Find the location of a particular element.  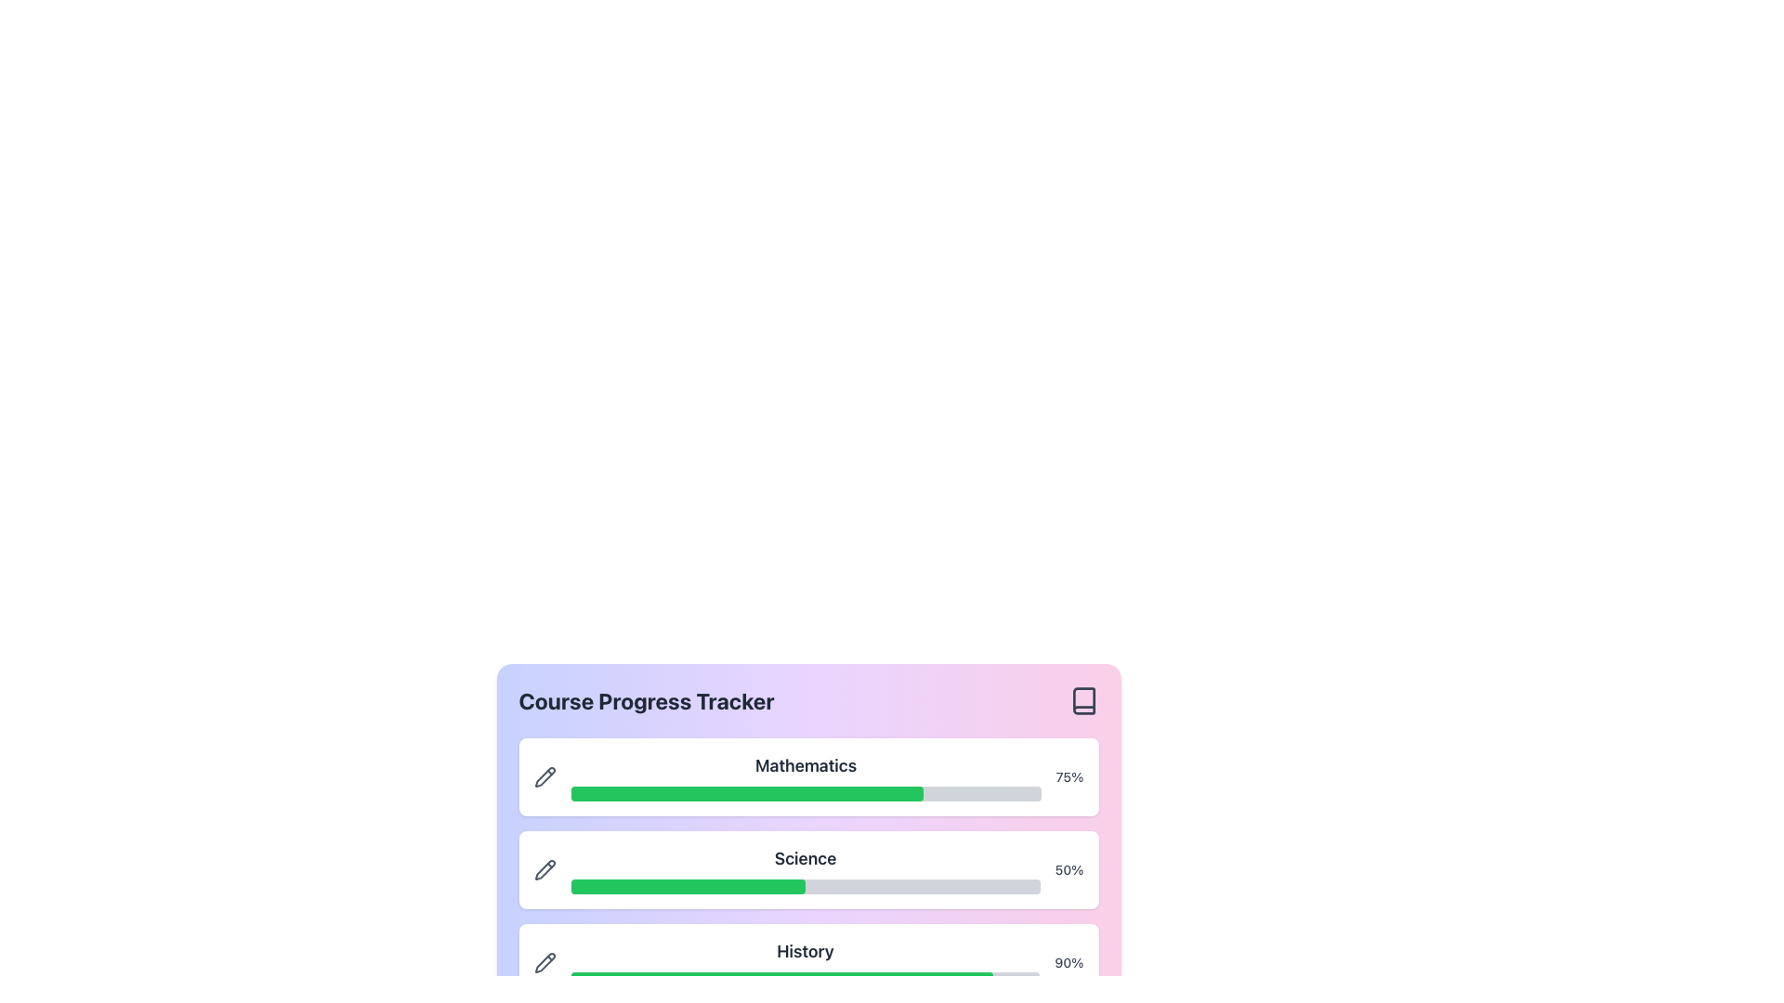

the visual representation of the progress on the rectangular progress bar located in the 'Mathematics' section of the progress tracker interface, which shows approximately 75% completion with a green foreground and gray background is located at coordinates (806, 794).